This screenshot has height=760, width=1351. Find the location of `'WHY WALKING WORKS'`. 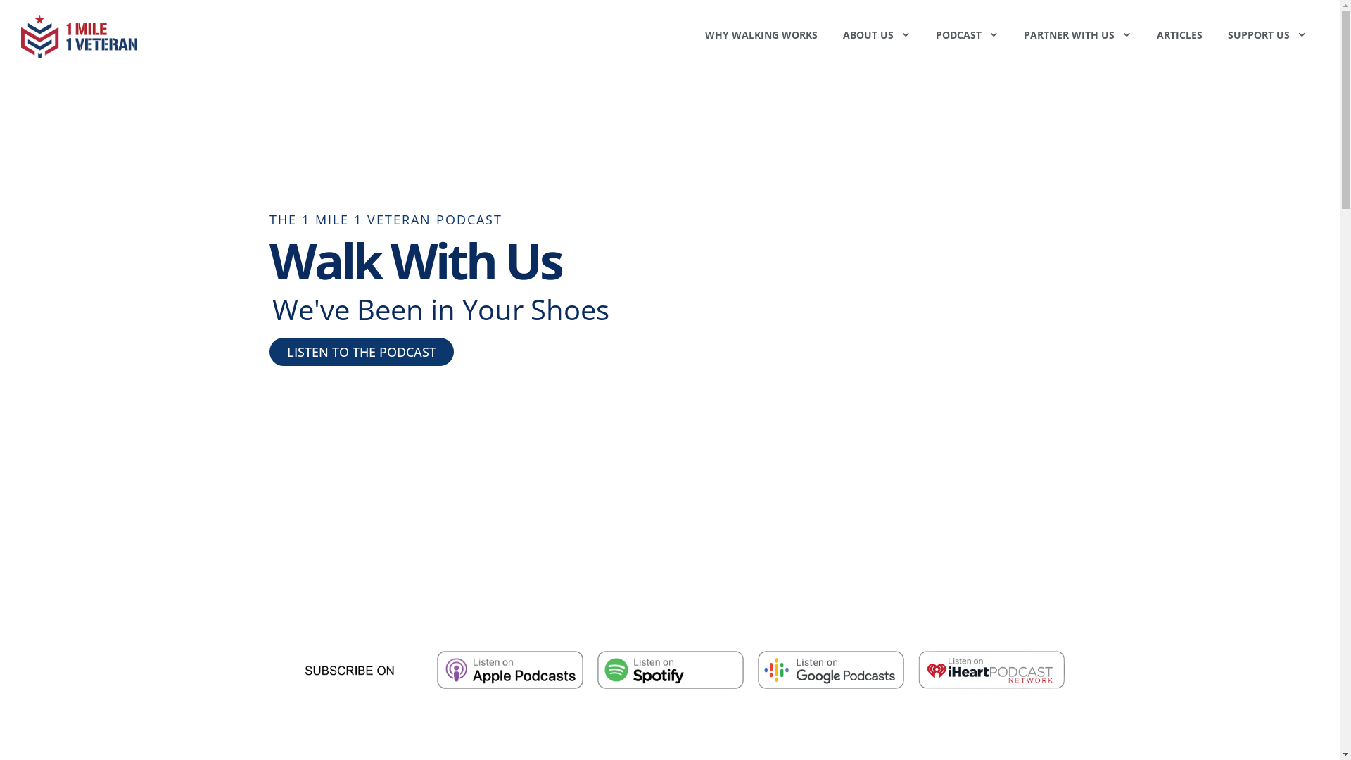

'WHY WALKING WORKS' is located at coordinates (760, 34).